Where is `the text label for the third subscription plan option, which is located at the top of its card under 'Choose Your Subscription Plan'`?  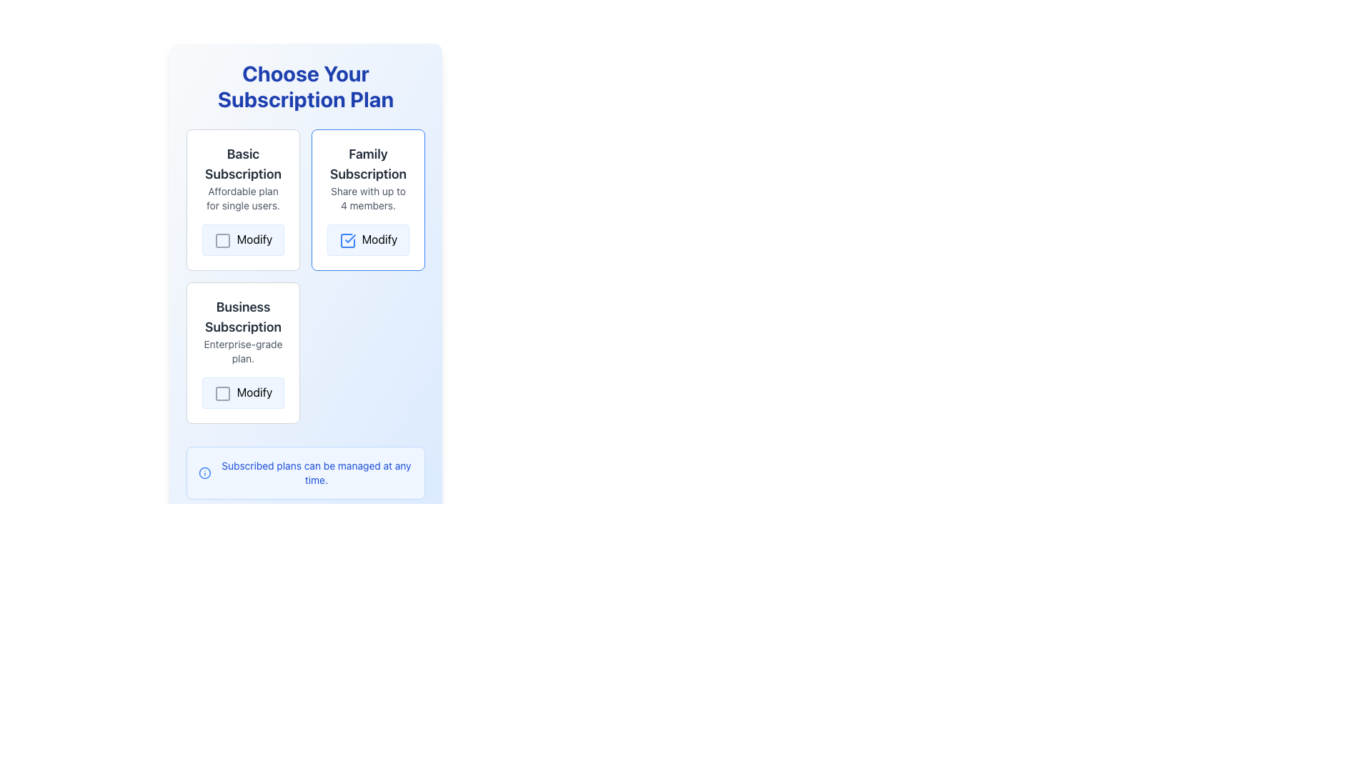
the text label for the third subscription plan option, which is located at the top of its card under 'Choose Your Subscription Plan' is located at coordinates (243, 316).